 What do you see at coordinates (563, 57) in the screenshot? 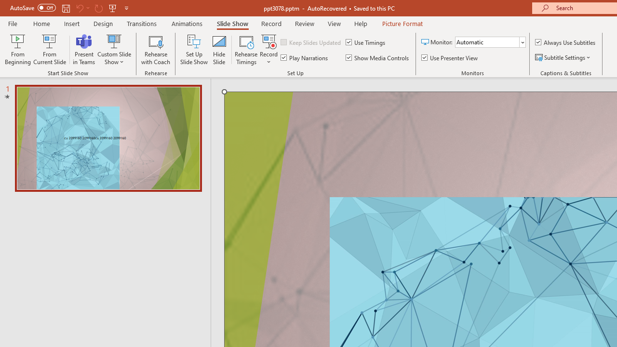
I see `'Subtitle Settings'` at bounding box center [563, 57].